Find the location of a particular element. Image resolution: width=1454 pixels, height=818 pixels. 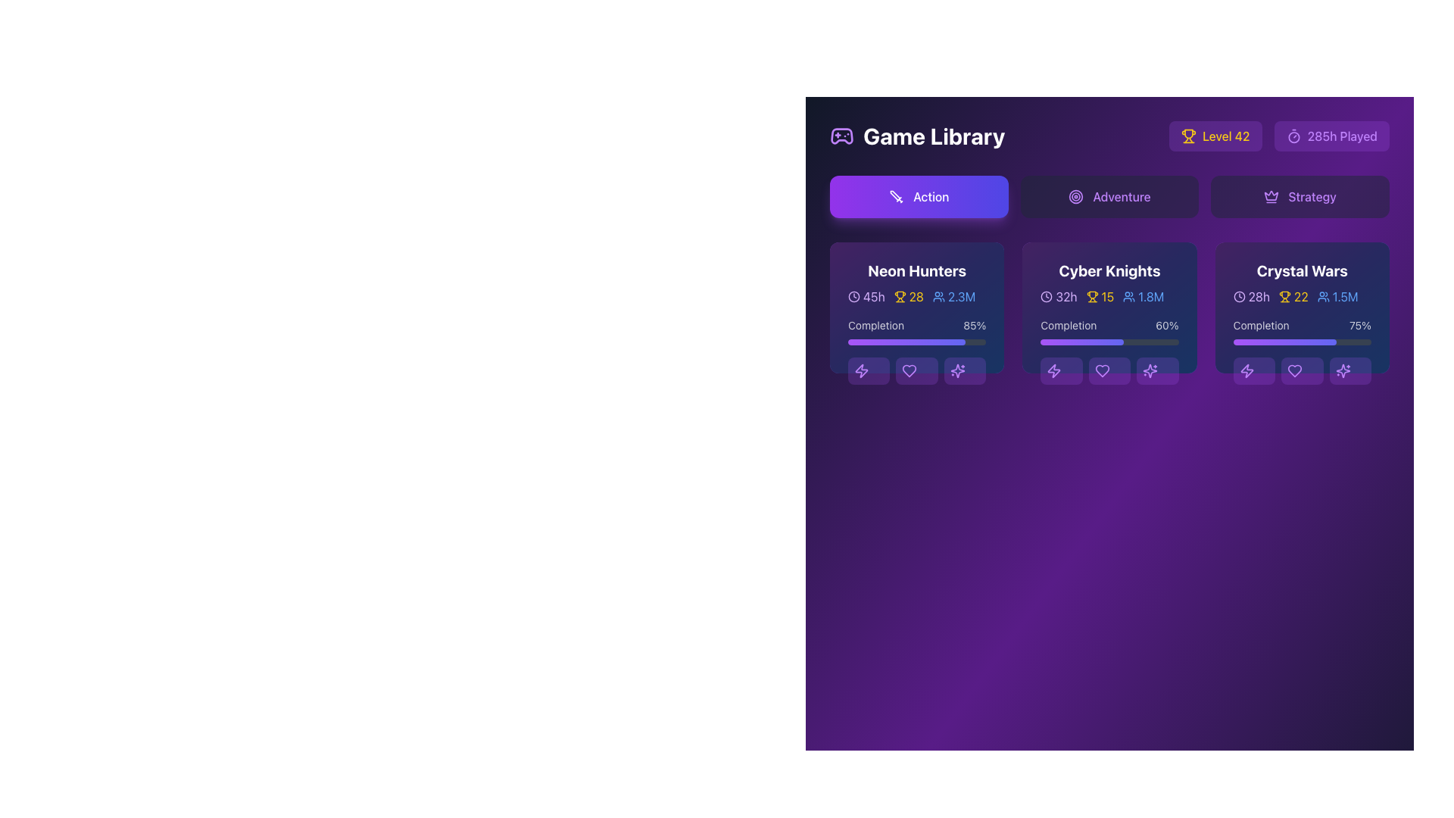

the SVG circle element that serves as the decorative boundary of the clock icon located to the left of the '32h' text under the 'Cyber Knights' section is located at coordinates (1046, 297).